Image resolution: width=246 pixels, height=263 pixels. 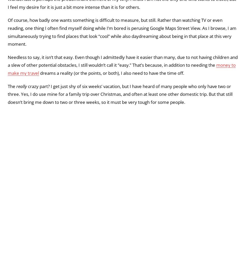 What do you see at coordinates (117, 32) in the screenshot?
I see `', I'` at bounding box center [117, 32].